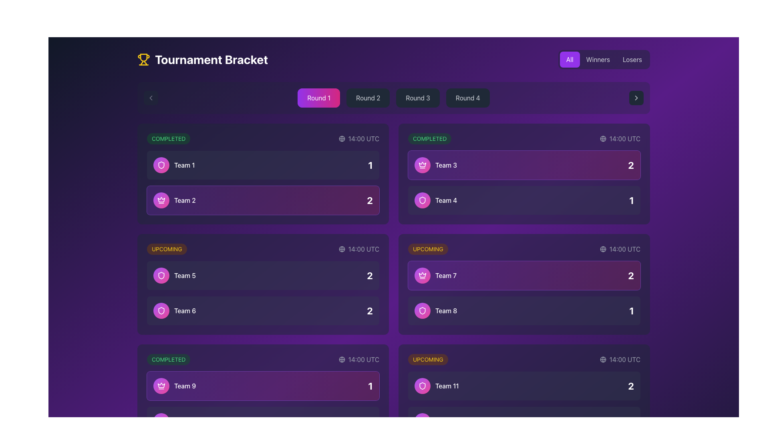 Image resolution: width=769 pixels, height=432 pixels. Describe the element at coordinates (363, 249) in the screenshot. I see `content displayed on the text label that shows '14:00 UTC', located in the top right corner of the match scorecard` at that location.